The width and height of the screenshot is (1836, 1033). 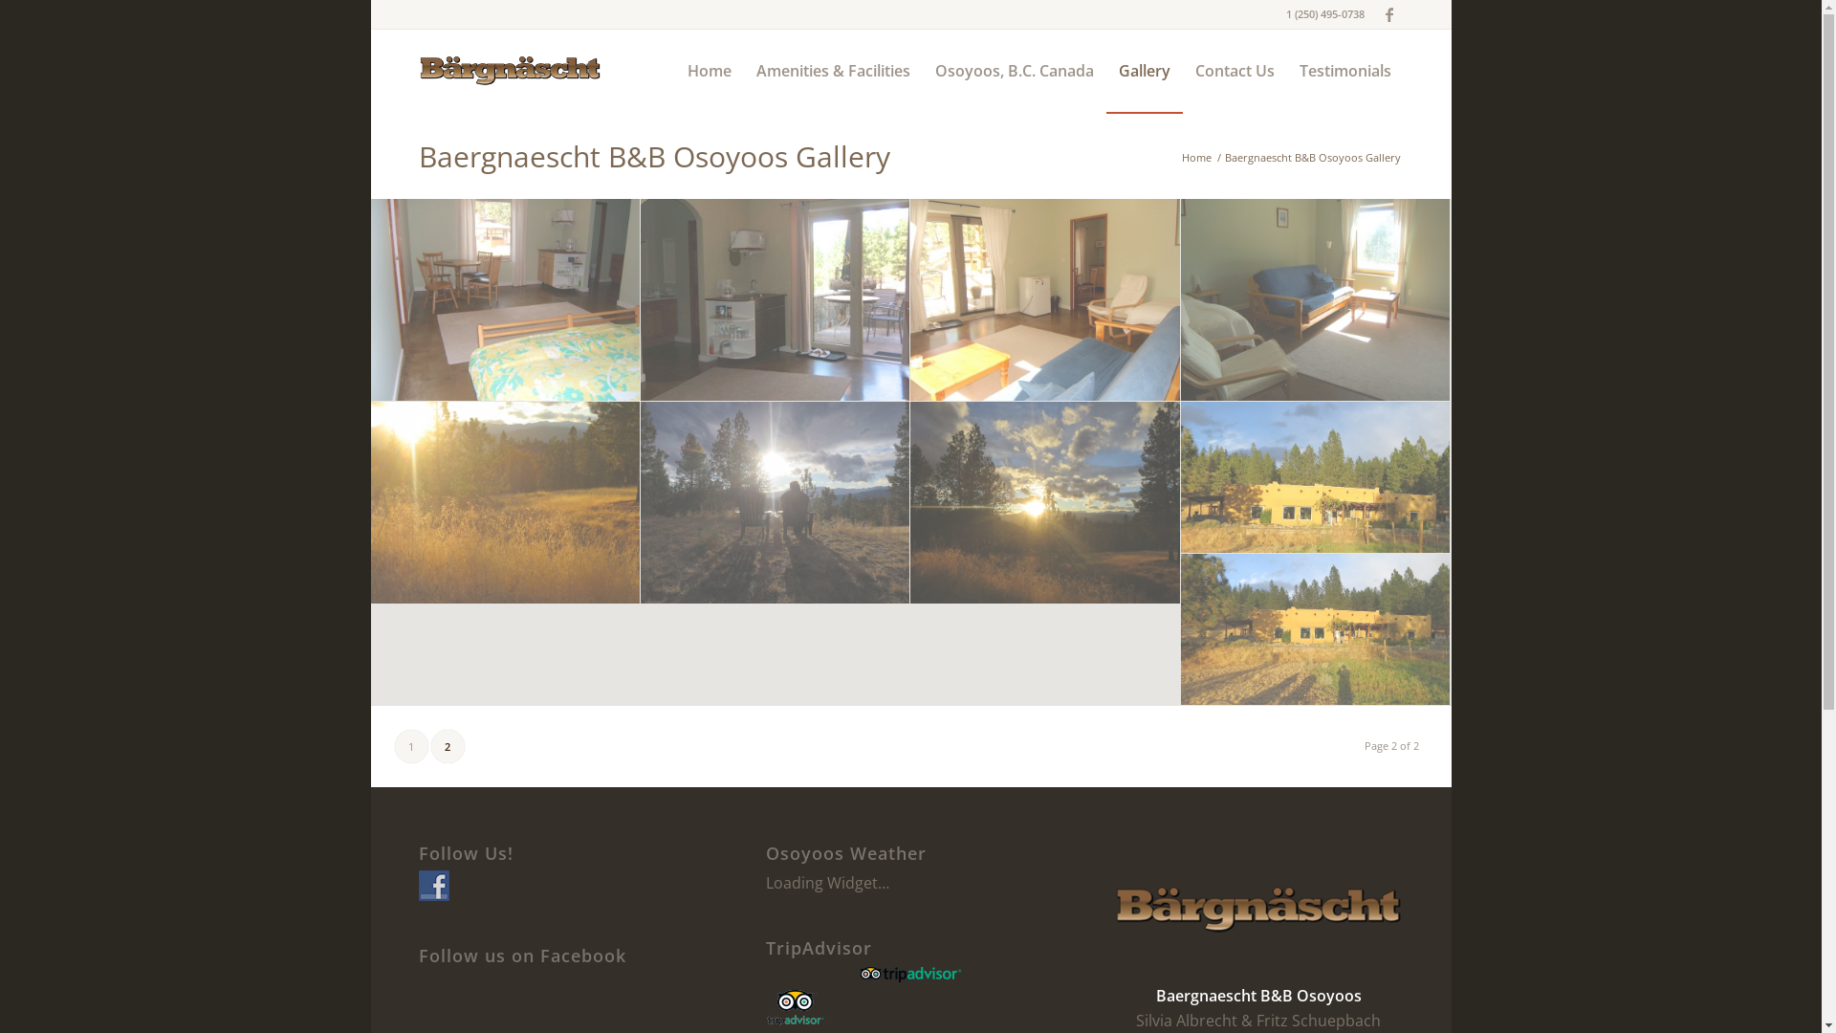 I want to click on 'Amenities & Facilities', so click(x=742, y=69).